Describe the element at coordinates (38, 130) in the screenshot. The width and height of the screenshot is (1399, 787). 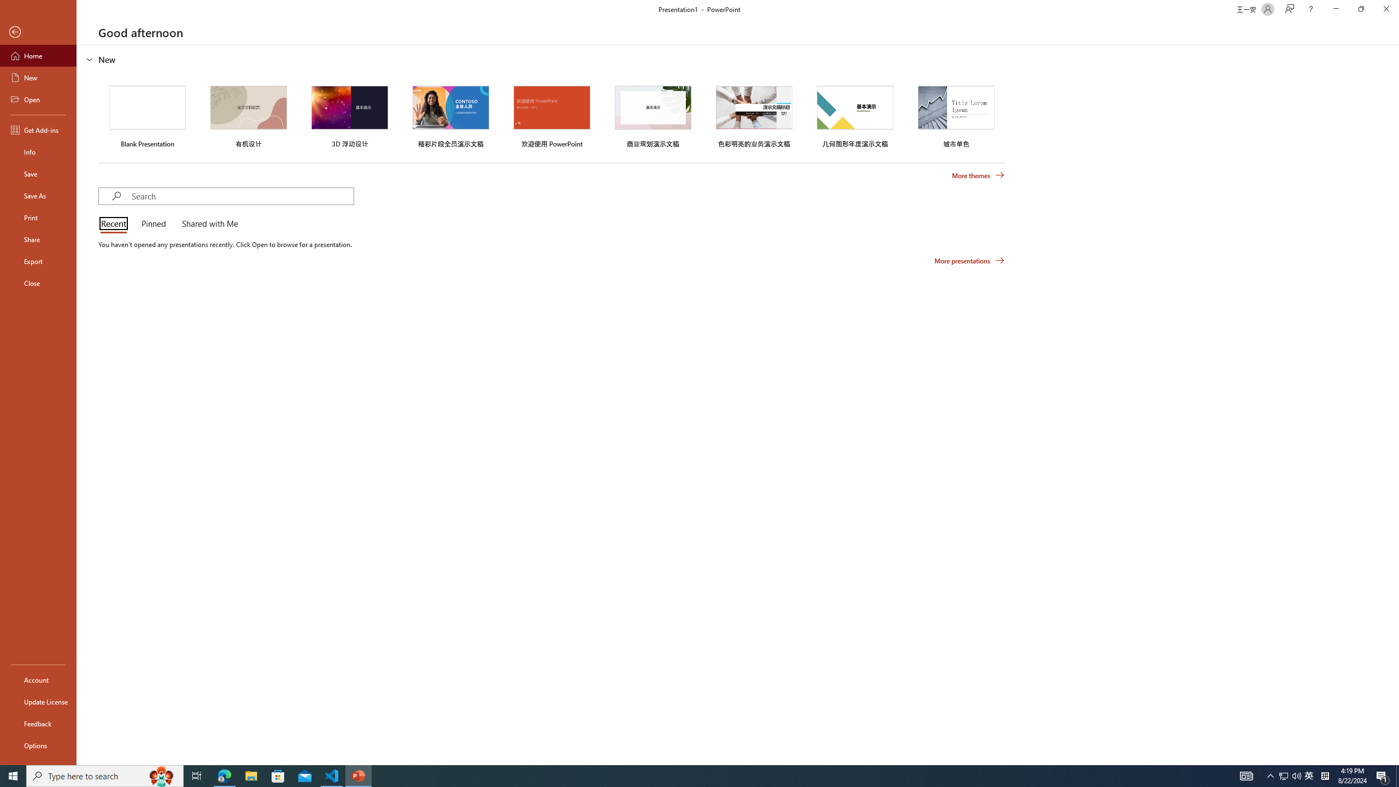
I see `'Get Add-ins'` at that location.